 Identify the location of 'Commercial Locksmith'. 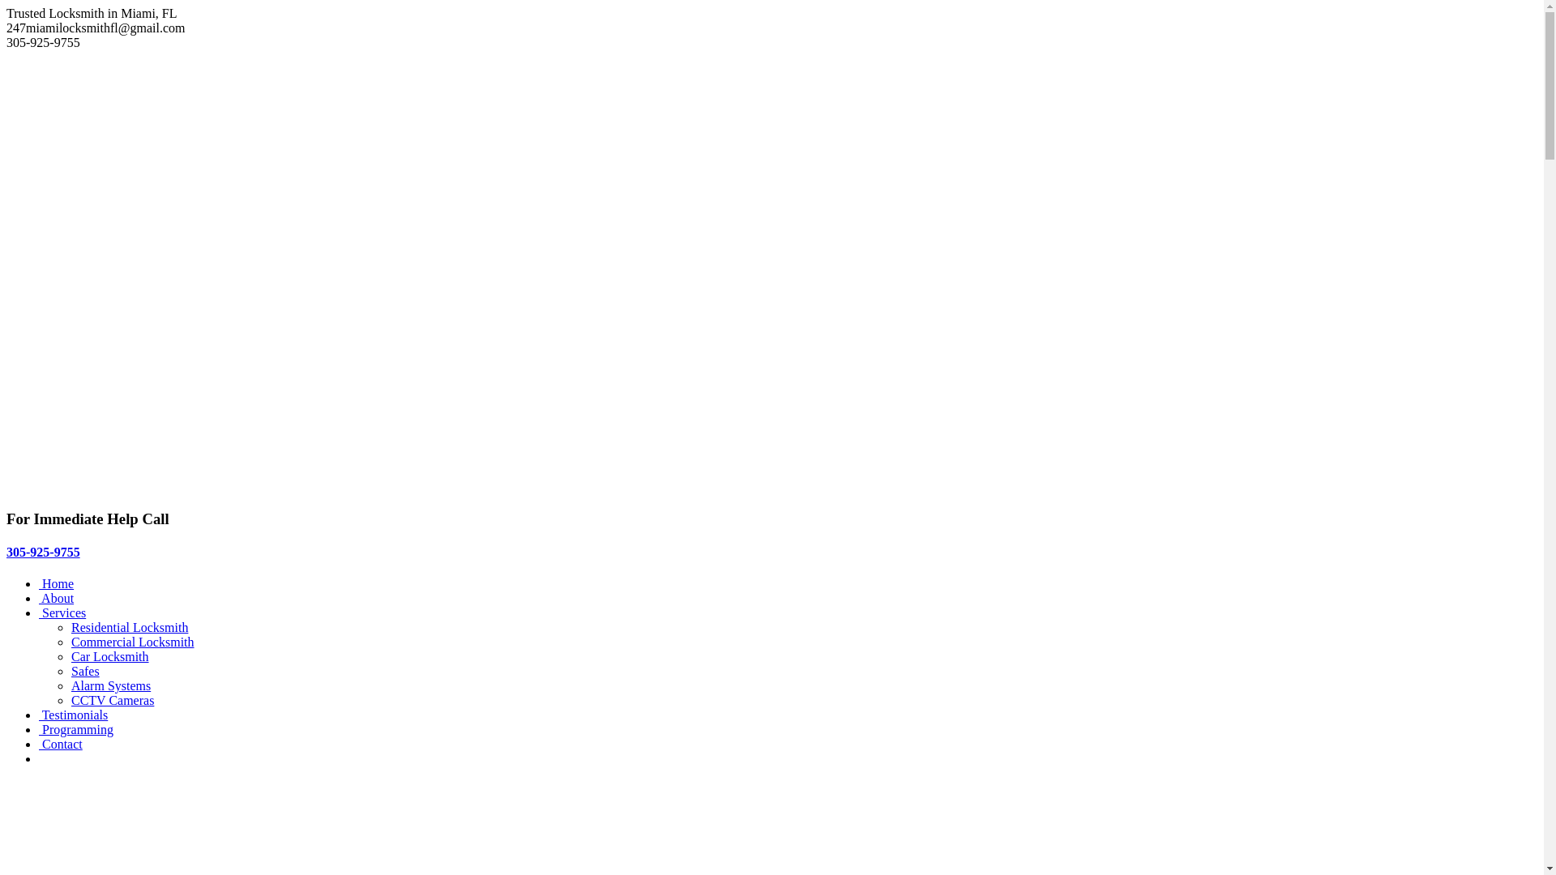
(70, 641).